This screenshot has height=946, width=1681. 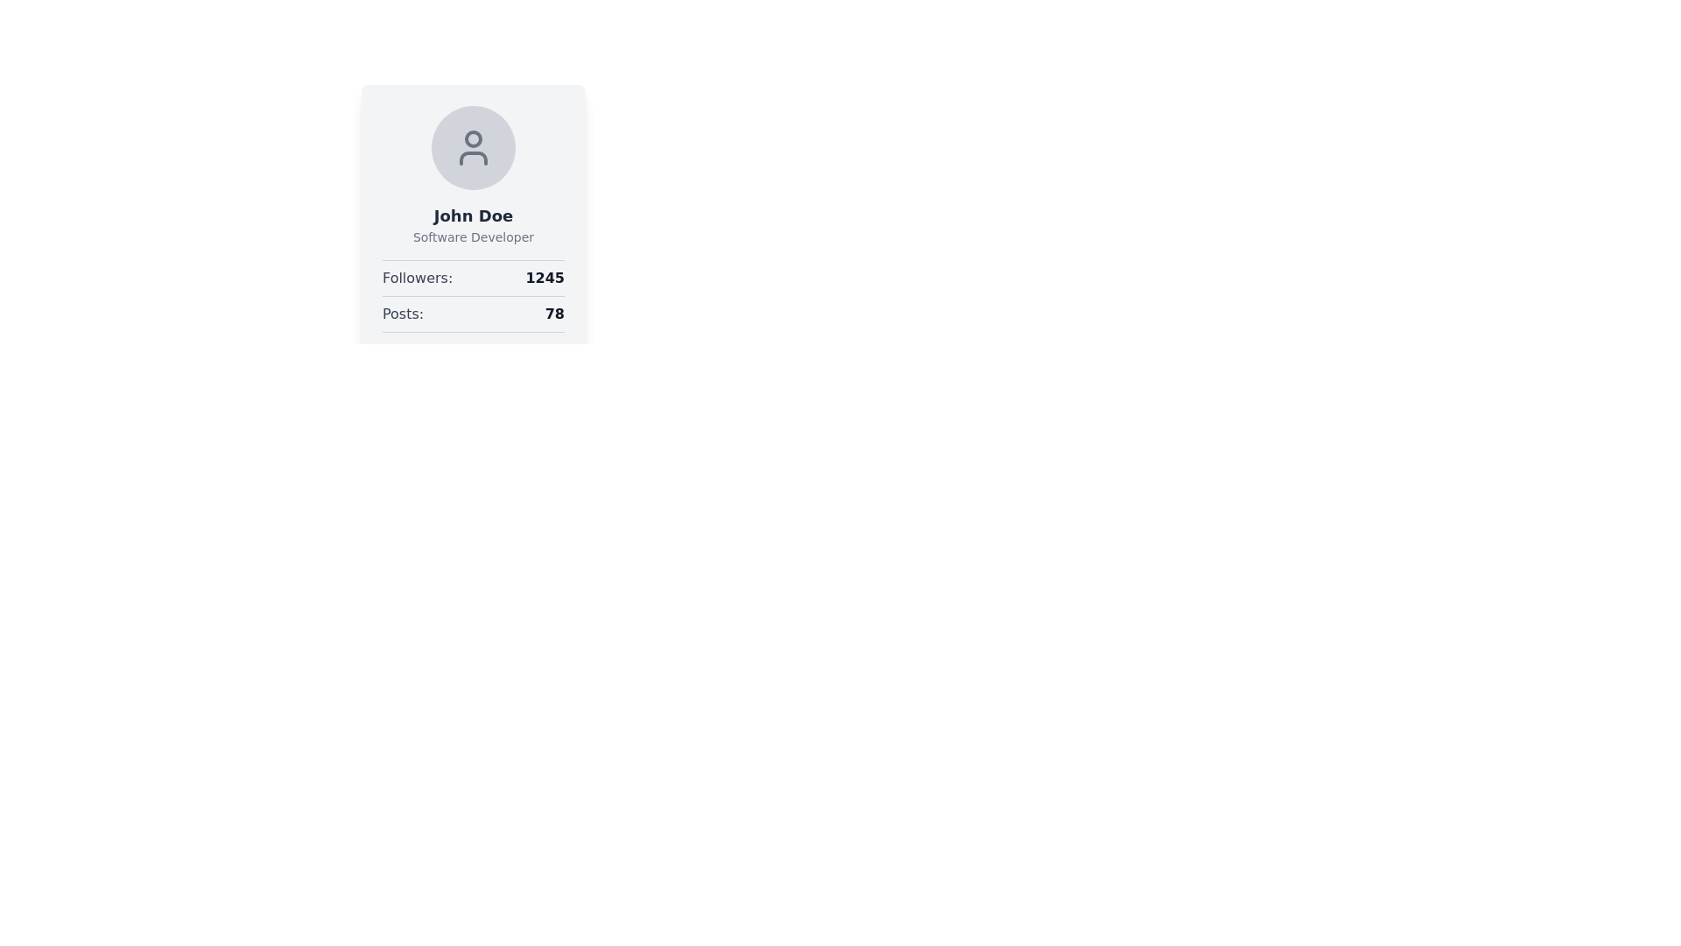 I want to click on text content of the Followers display located below the user profile picture and name, prominently positioned after the label 'Followers:', so click(x=544, y=277).